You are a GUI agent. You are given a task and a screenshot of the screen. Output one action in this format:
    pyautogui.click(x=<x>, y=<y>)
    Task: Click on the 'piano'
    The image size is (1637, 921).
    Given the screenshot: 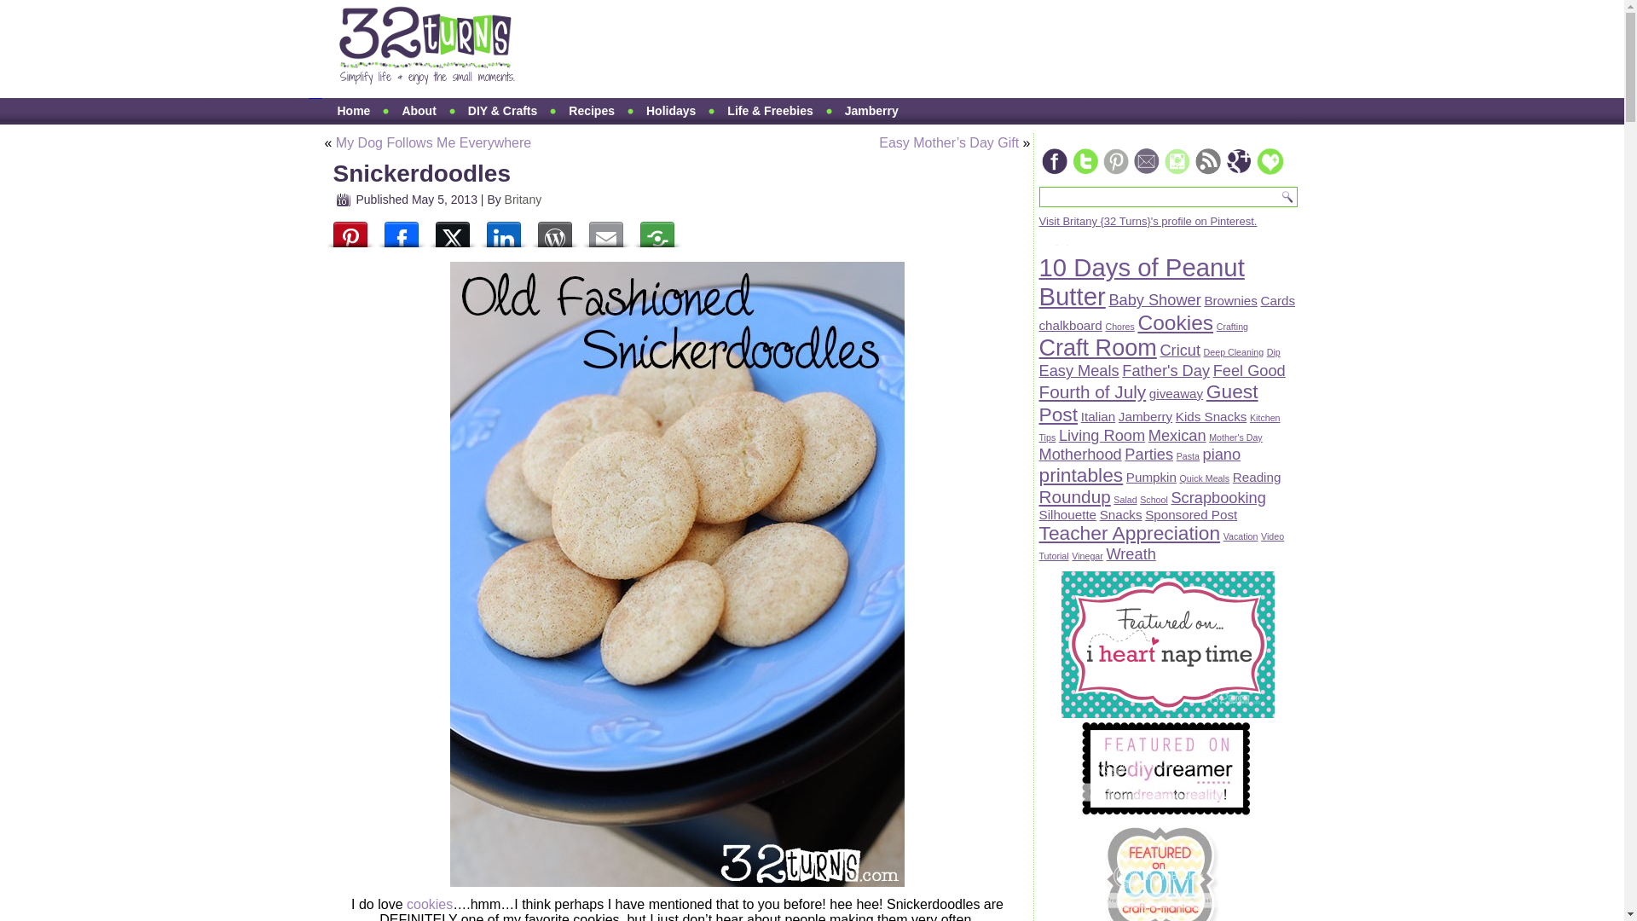 What is the action you would take?
    pyautogui.click(x=1221, y=453)
    